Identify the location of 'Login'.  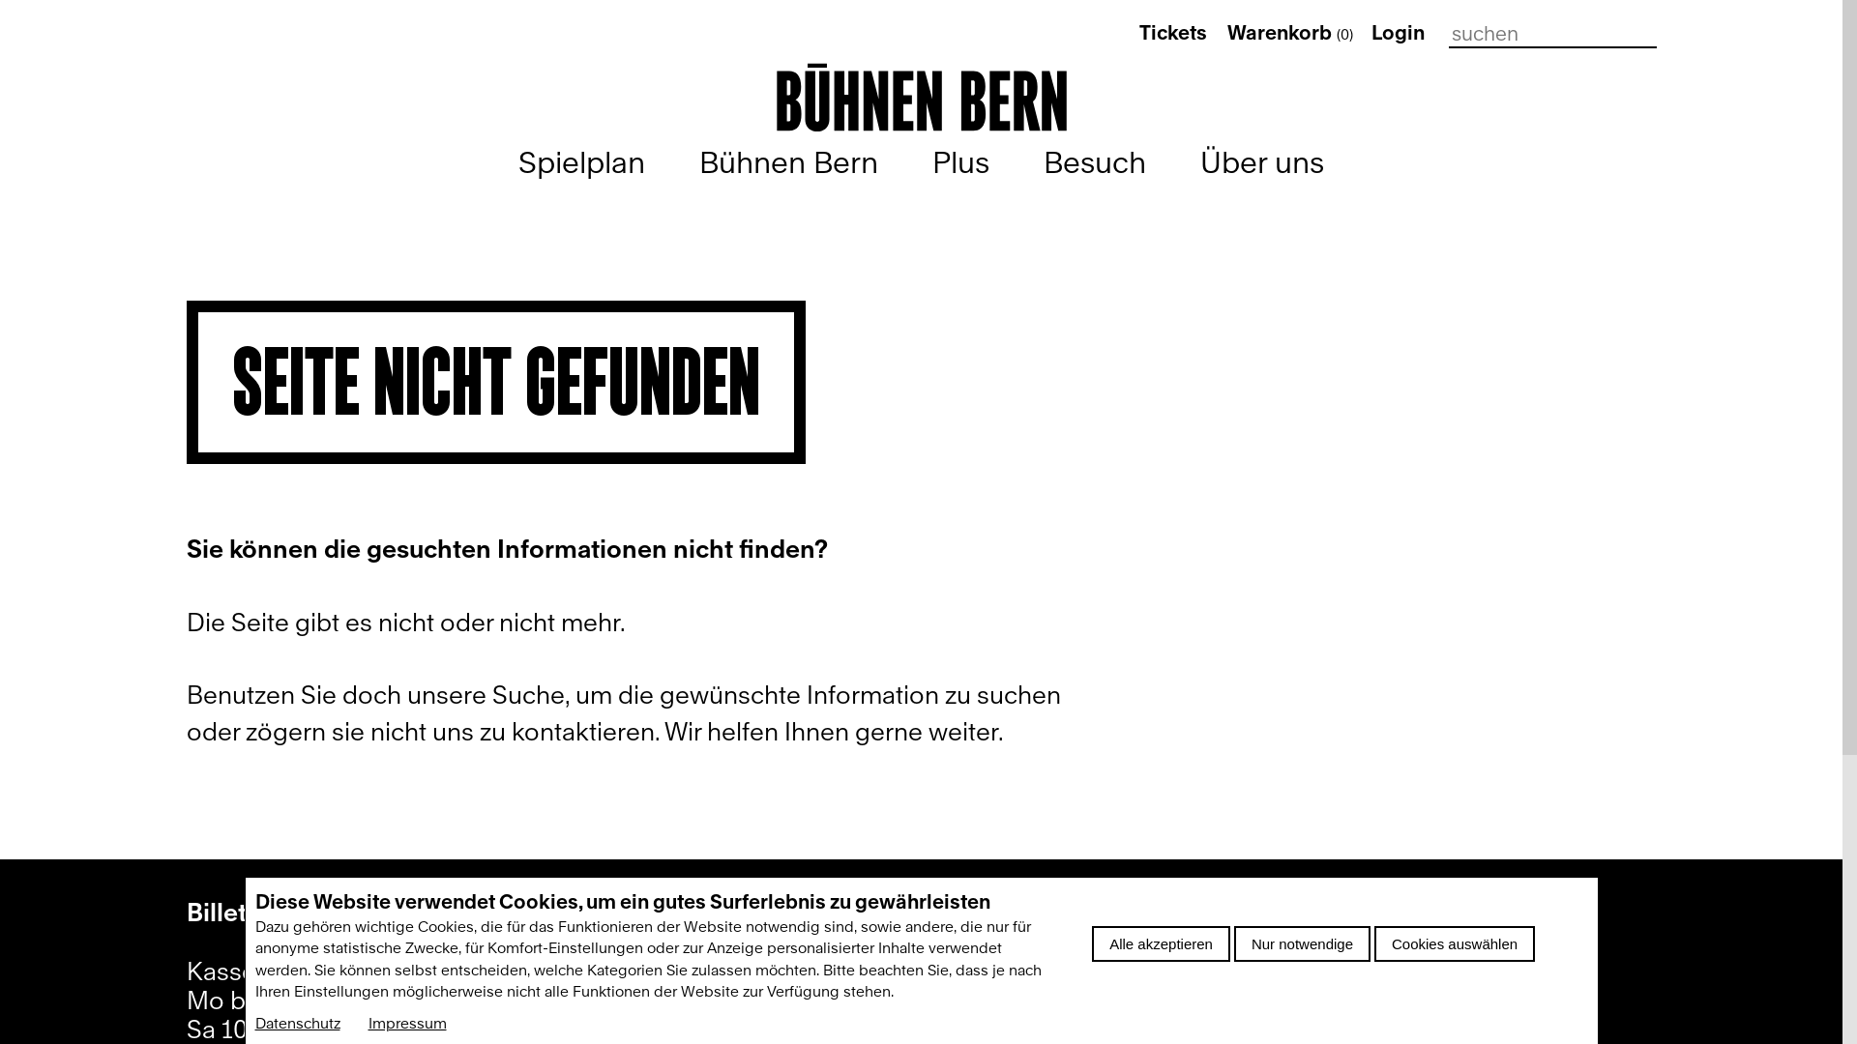
(1370, 33).